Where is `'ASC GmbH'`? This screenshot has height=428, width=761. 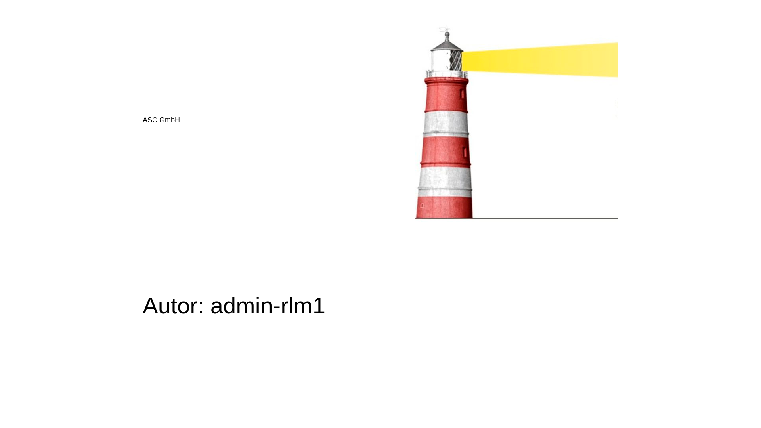
'ASC GmbH' is located at coordinates (161, 120).